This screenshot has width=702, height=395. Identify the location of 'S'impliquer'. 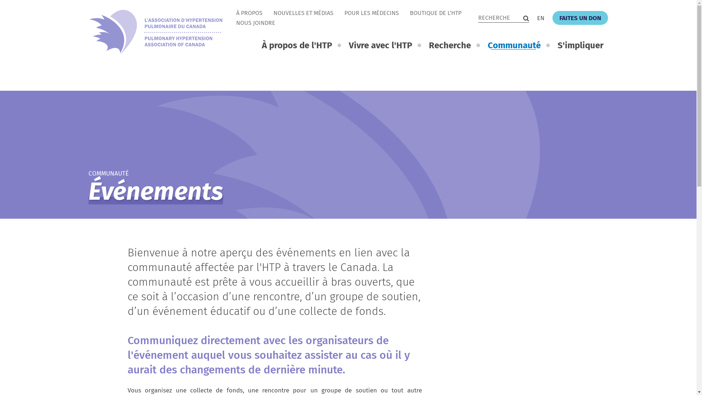
(553, 45).